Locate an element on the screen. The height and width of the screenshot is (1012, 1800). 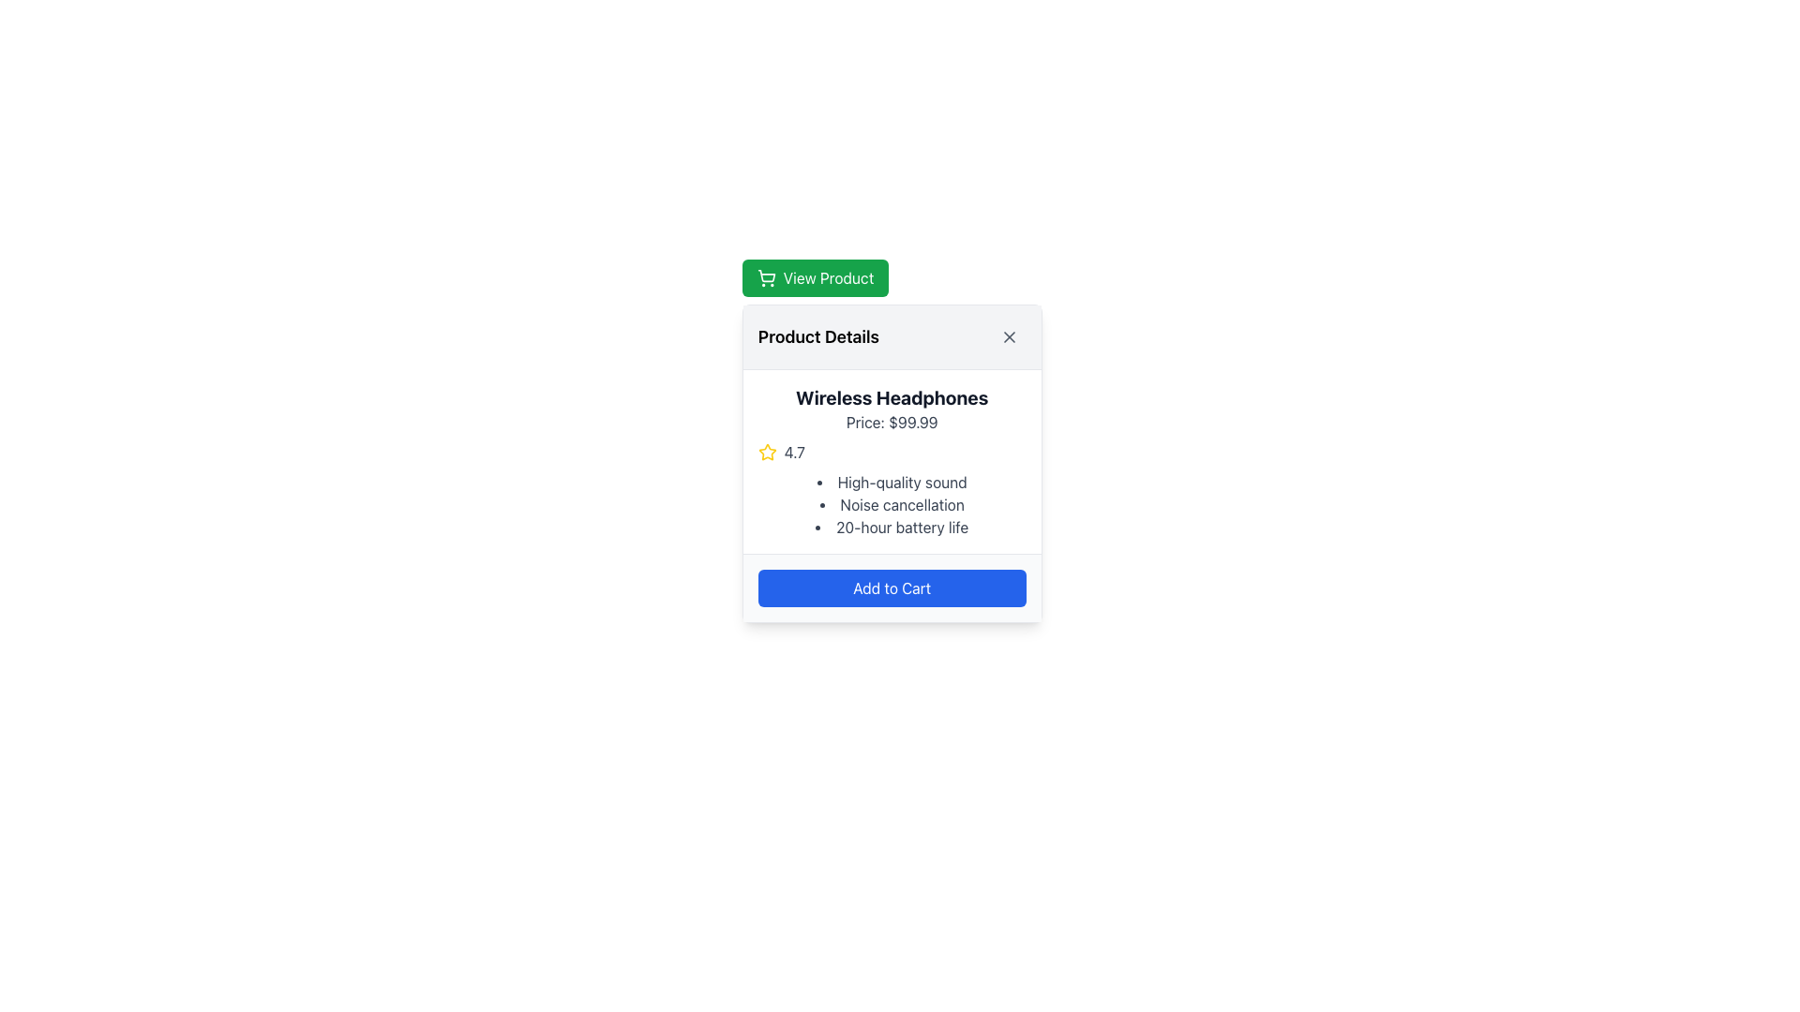
the textual list that displays the key features of the product, located in the lower portion of the product details section, between a rating of 4.7 and a large blue 'Add to Cart' button is located at coordinates (891, 504).